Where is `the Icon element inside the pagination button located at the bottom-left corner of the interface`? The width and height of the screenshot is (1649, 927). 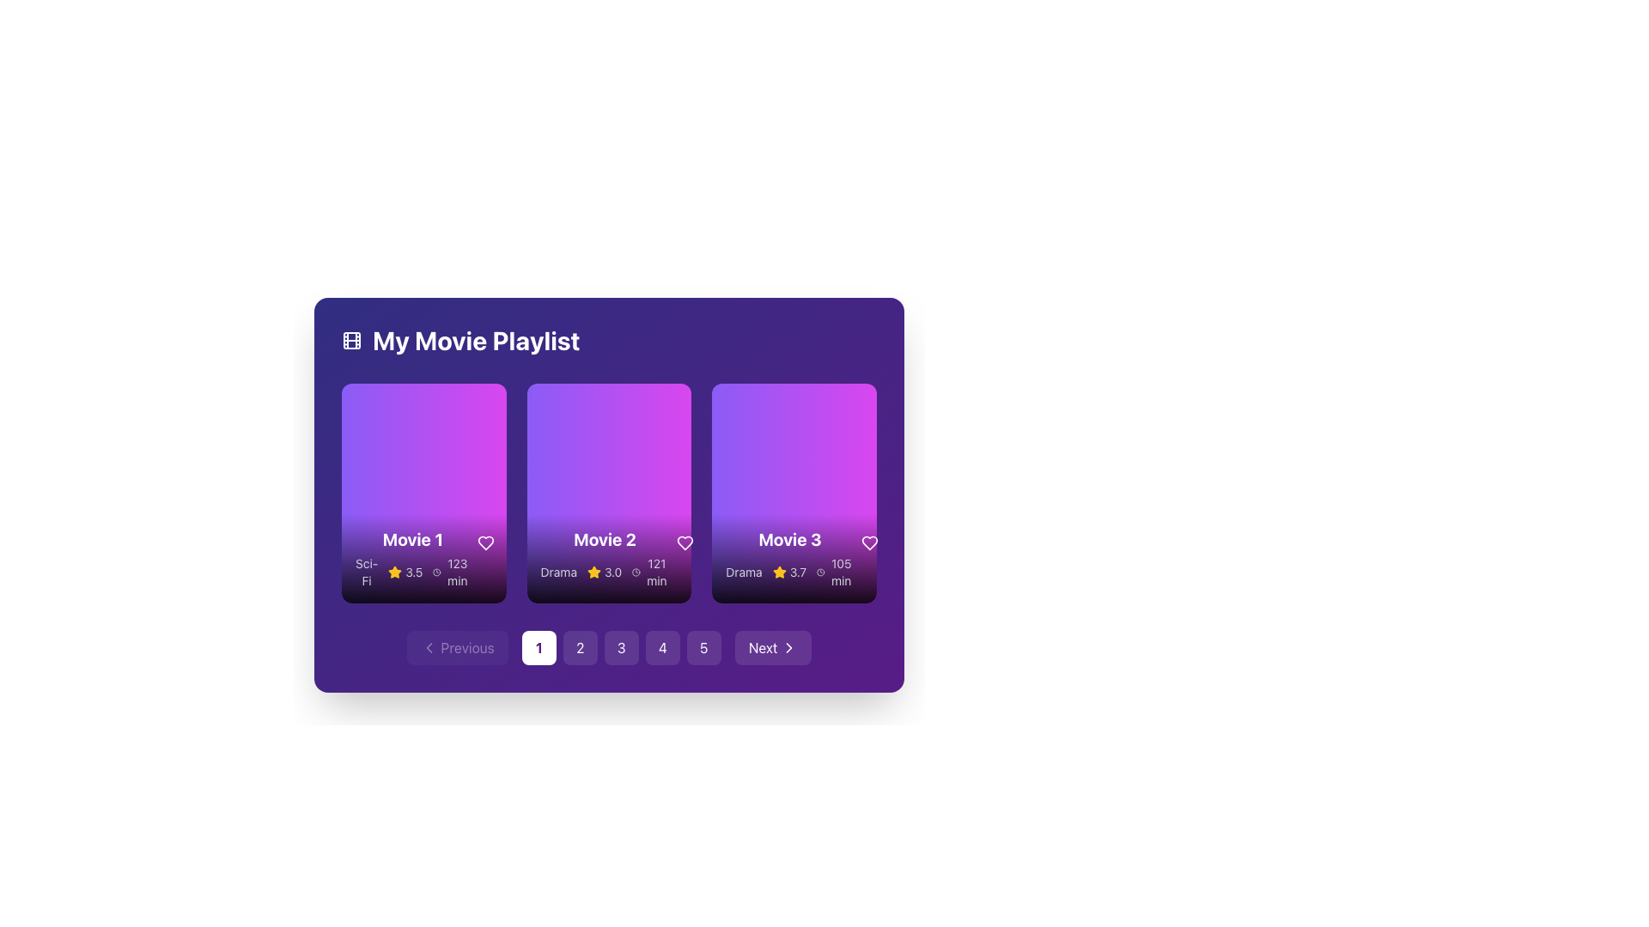 the Icon element inside the pagination button located at the bottom-left corner of the interface is located at coordinates (429, 648).